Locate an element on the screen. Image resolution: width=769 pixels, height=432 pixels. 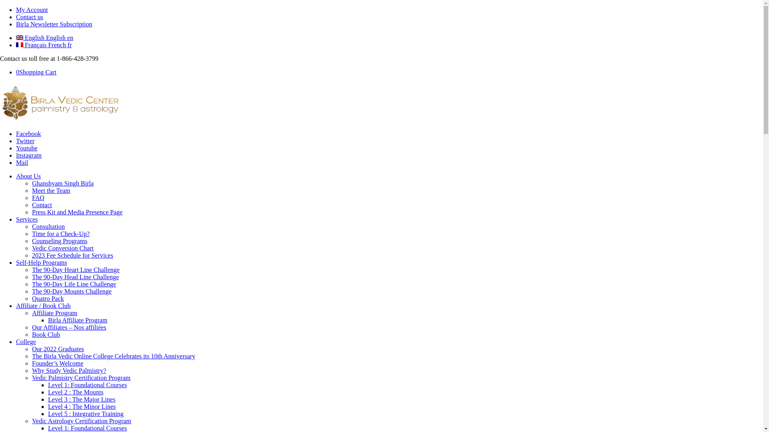
'FAQ' is located at coordinates (38, 198).